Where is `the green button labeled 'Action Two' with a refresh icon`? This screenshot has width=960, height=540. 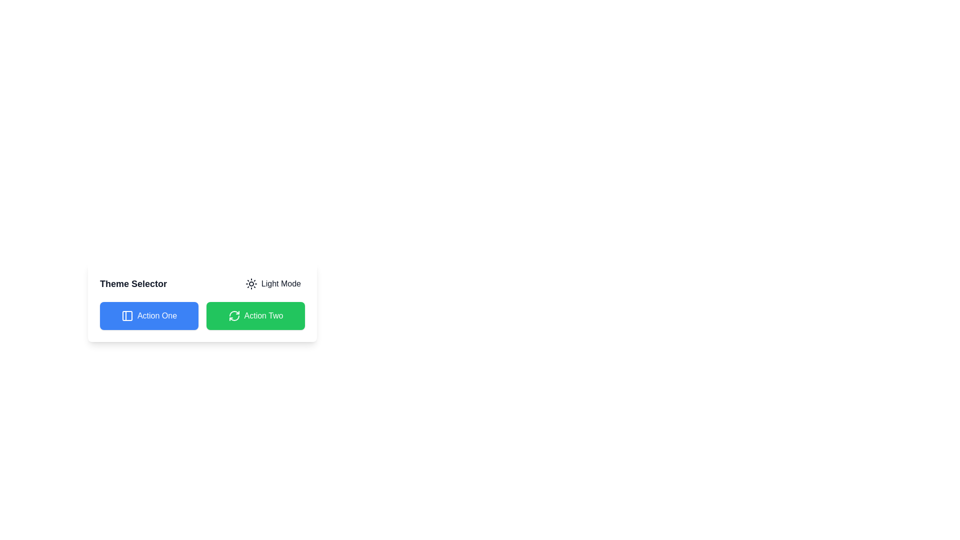
the green button labeled 'Action Two' with a refresh icon is located at coordinates (255, 316).